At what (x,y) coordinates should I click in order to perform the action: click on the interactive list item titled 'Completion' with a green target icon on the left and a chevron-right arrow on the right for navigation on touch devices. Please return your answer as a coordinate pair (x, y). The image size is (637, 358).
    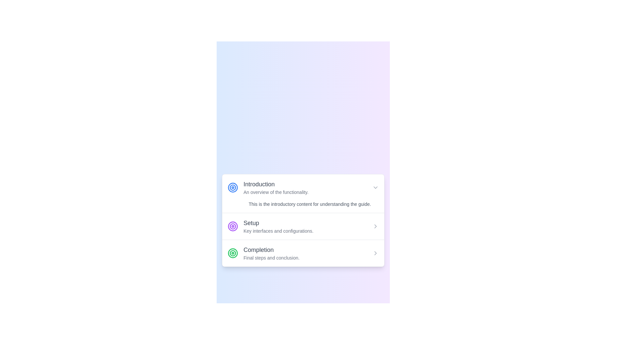
    Looking at the image, I should click on (303, 253).